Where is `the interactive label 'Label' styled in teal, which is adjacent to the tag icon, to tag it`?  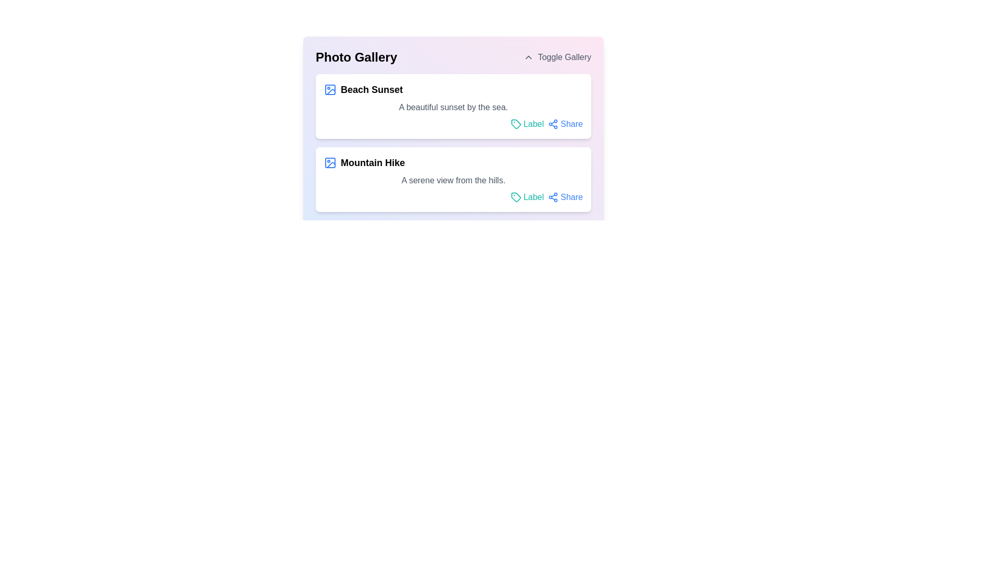
the interactive label 'Label' styled in teal, which is adjacent to the tag icon, to tag it is located at coordinates (527, 197).